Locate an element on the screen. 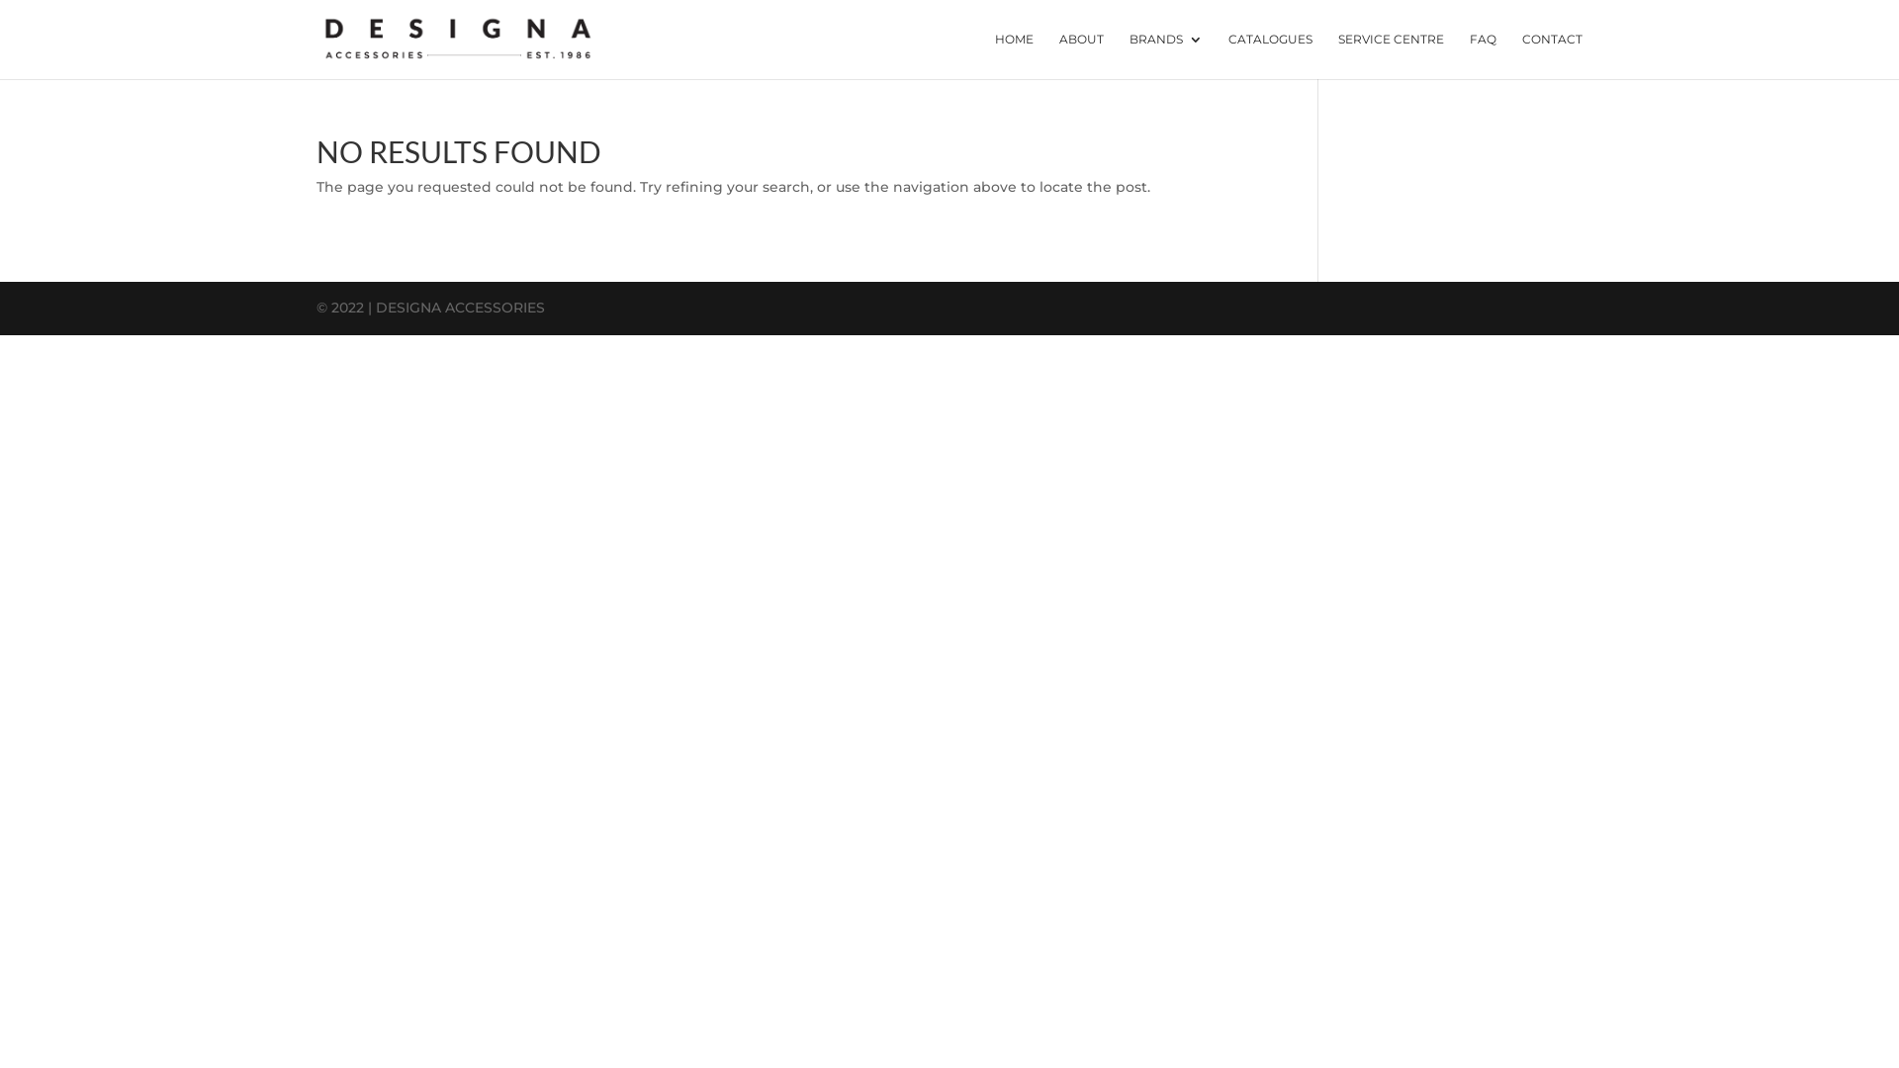  'CONTACT' is located at coordinates (1551, 54).